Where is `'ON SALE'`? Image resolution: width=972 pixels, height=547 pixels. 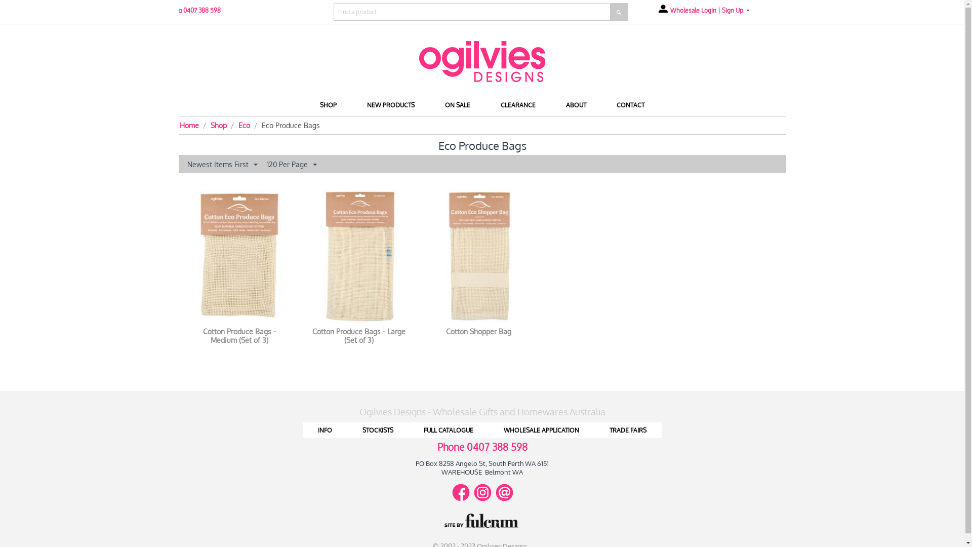
'ON SALE' is located at coordinates (457, 105).